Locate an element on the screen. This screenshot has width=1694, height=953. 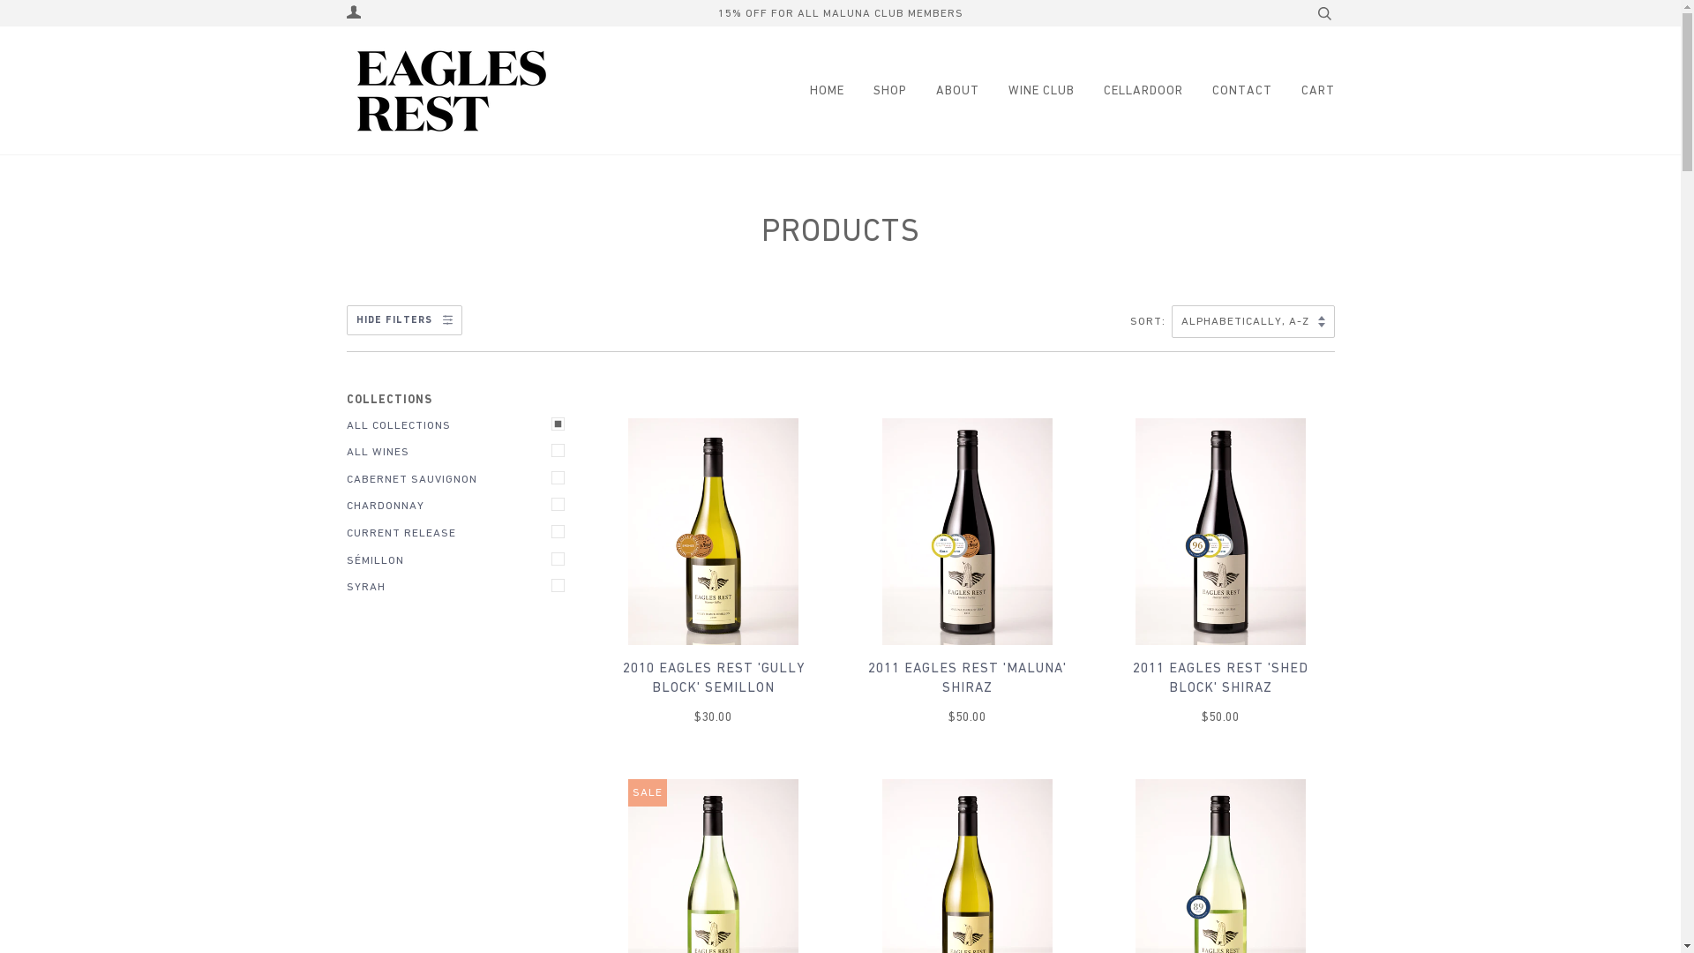
'ABOUT' is located at coordinates (942, 89).